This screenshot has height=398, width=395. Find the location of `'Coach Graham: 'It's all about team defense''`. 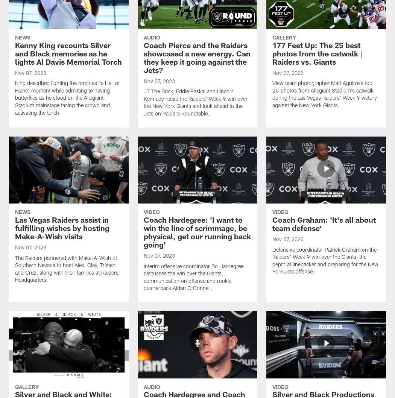

'Coach Graham: 'It's all about team defense'' is located at coordinates (272, 225).